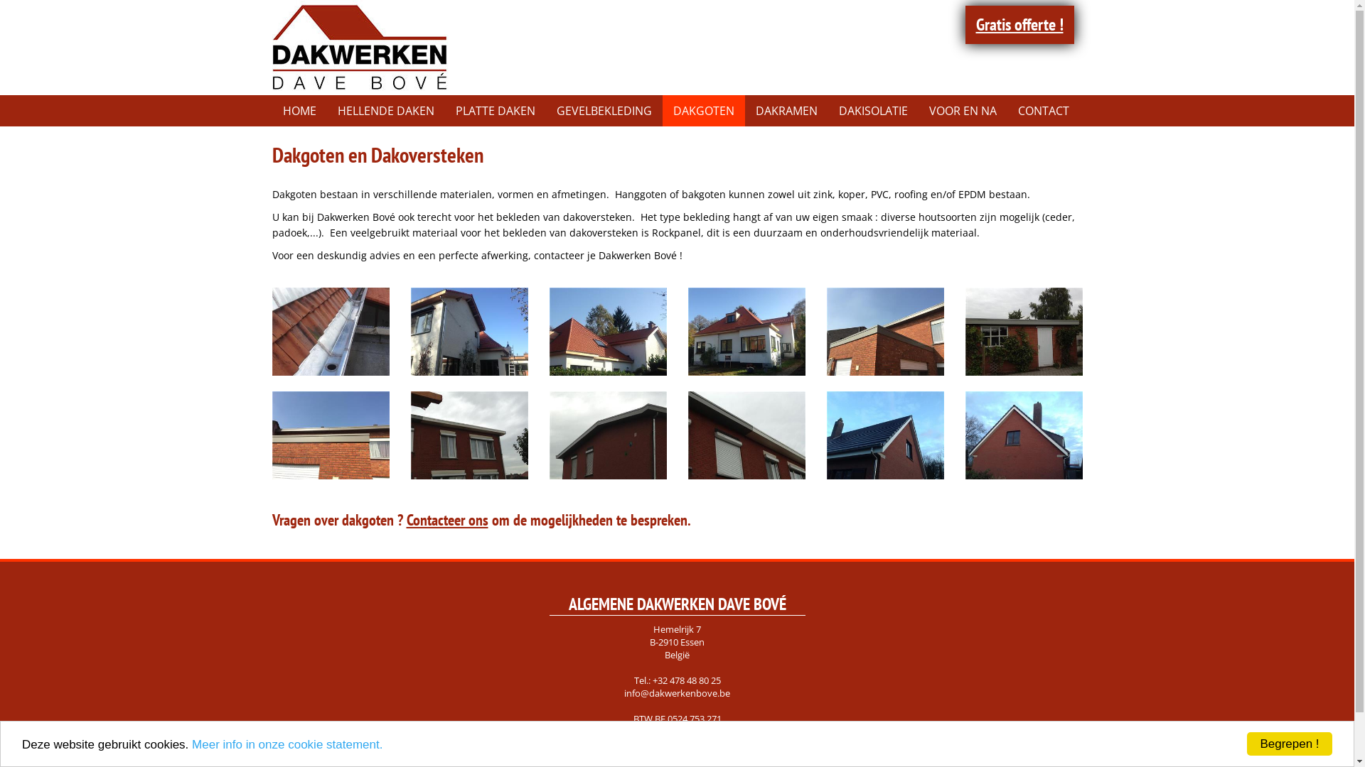  I want to click on 'CONTACT', so click(1043, 109).